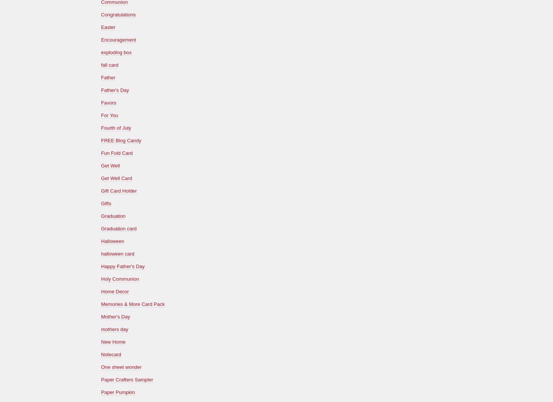  Describe the element at coordinates (109, 64) in the screenshot. I see `'fall card'` at that location.